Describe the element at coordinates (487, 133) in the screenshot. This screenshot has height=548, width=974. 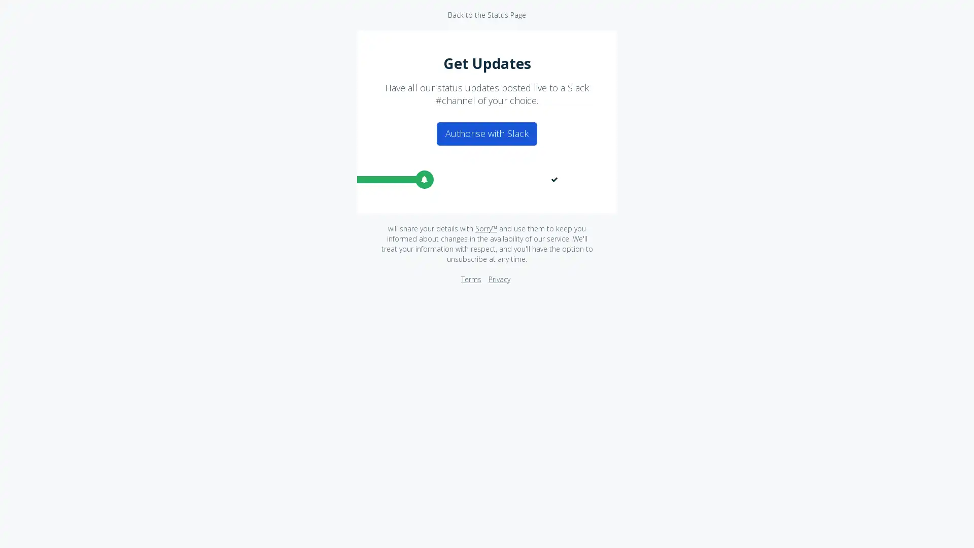
I see `Authorise with Slack` at that location.